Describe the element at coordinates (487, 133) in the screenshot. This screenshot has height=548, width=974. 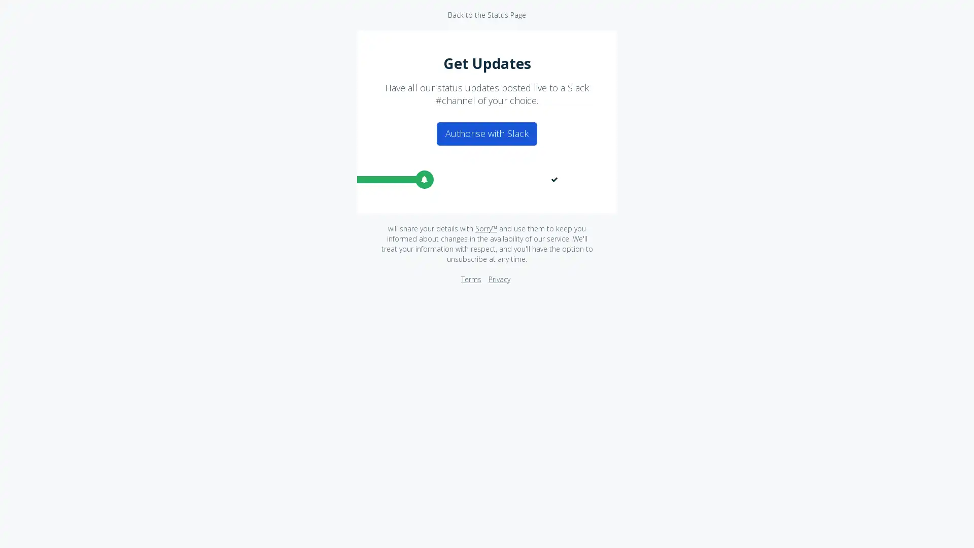
I see `Authorise with Slack` at that location.